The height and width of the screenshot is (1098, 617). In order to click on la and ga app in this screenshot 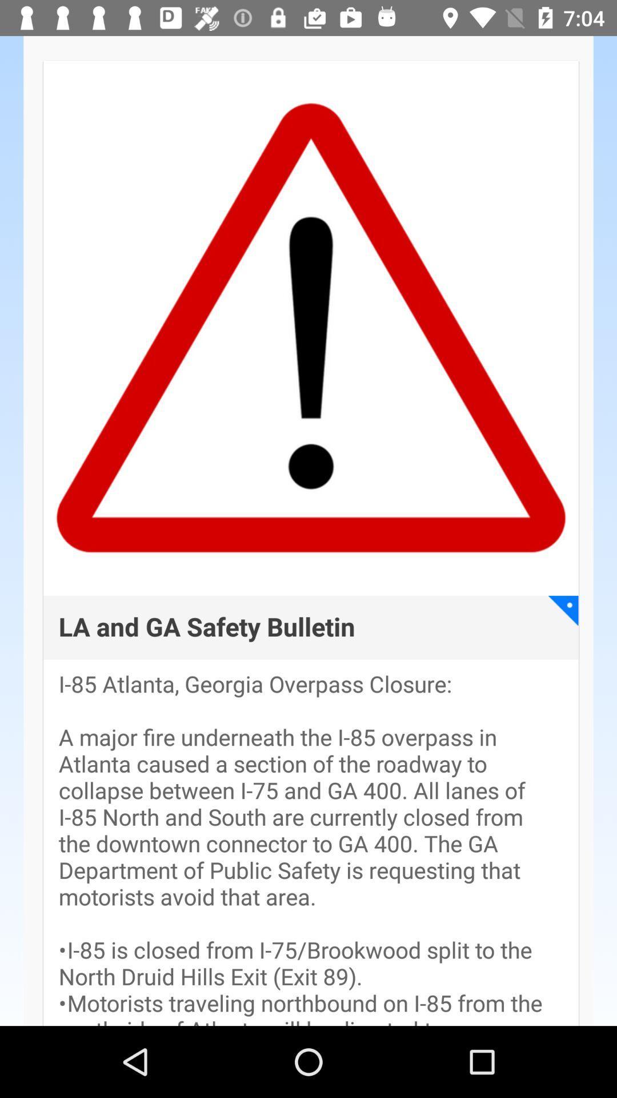, I will do `click(207, 627)`.